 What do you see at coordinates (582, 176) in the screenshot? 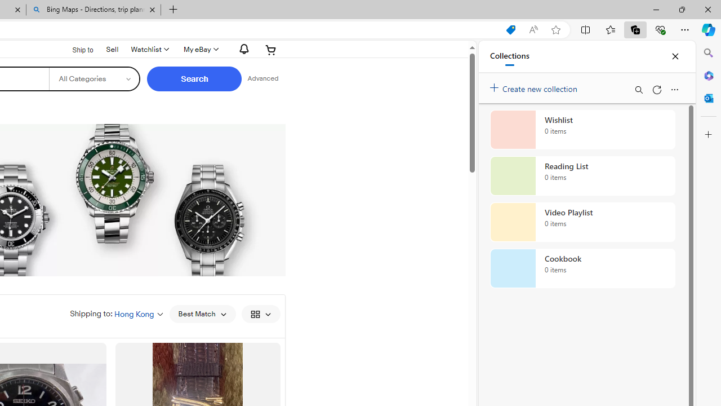
I see `'Reading List collection, 0 items'` at bounding box center [582, 176].